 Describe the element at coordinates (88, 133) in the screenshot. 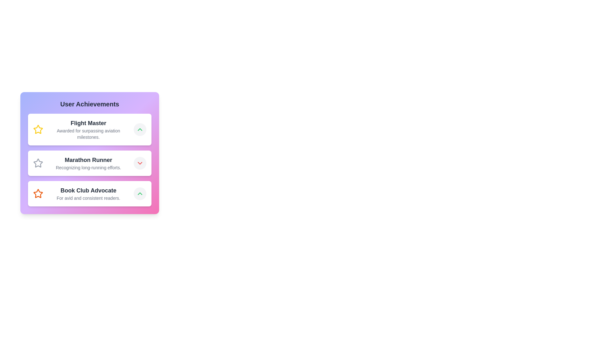

I see `the static text element providing a description beneath the 'Flight Master' header in the first achievement card within the 'User Achievements' section` at that location.